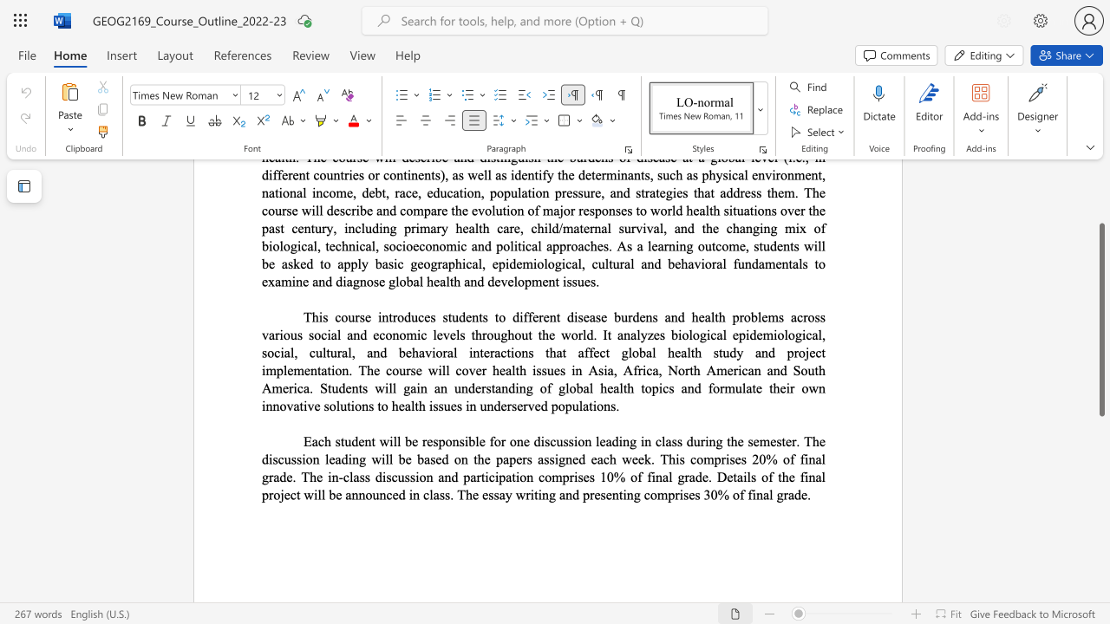 Image resolution: width=1110 pixels, height=624 pixels. I want to click on the scrollbar and move up 90 pixels, so click(1100, 320).